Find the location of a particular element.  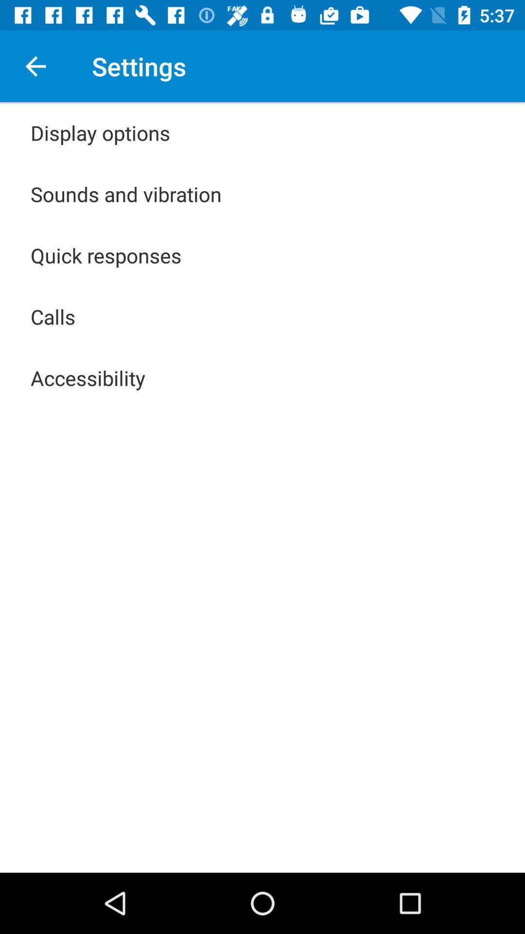

the icon below quick responses icon is located at coordinates (53, 317).